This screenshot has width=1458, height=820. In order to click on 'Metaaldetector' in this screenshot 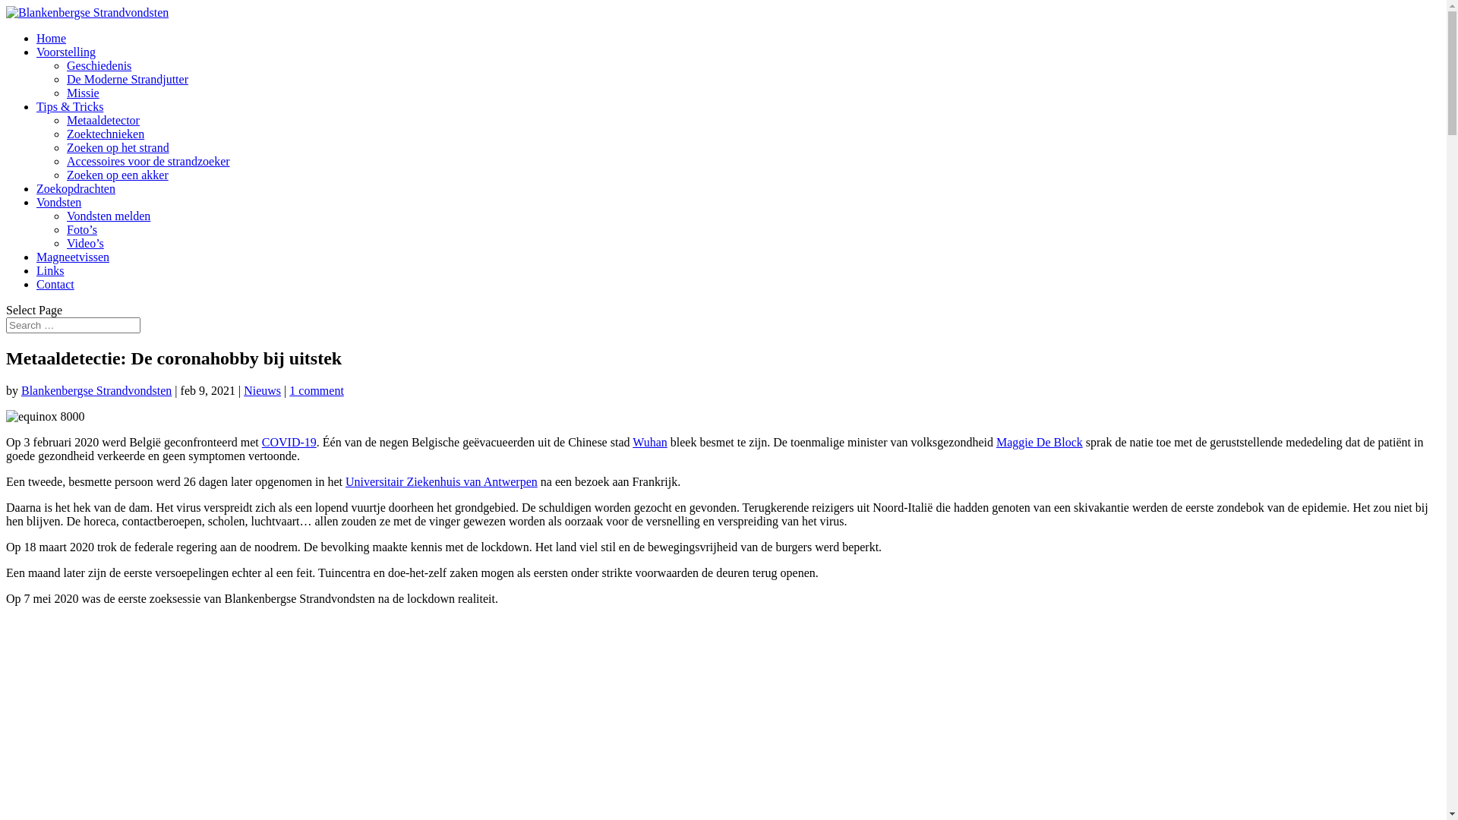, I will do `click(102, 119)`.